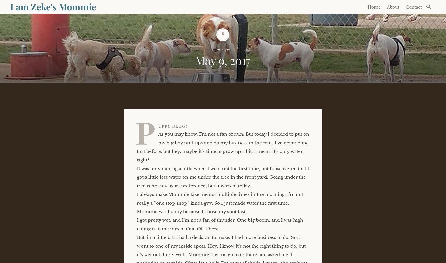 This screenshot has width=446, height=263. I want to click on 'As you may know, I’m not a fan of rain. But today I decided to put on my big boy pull-ups and do my business in the rain. I’ve never done that before, but hey, maybe it’s time to grow up a bit. I mean, it’s only water, right?', so click(223, 147).